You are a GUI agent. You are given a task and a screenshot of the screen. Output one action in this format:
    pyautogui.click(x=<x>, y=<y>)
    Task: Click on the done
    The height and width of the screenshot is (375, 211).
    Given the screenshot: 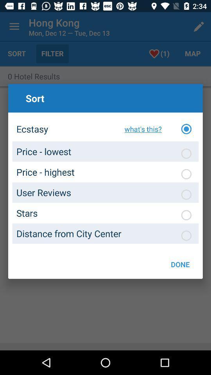 What is the action you would take?
    pyautogui.click(x=180, y=264)
    